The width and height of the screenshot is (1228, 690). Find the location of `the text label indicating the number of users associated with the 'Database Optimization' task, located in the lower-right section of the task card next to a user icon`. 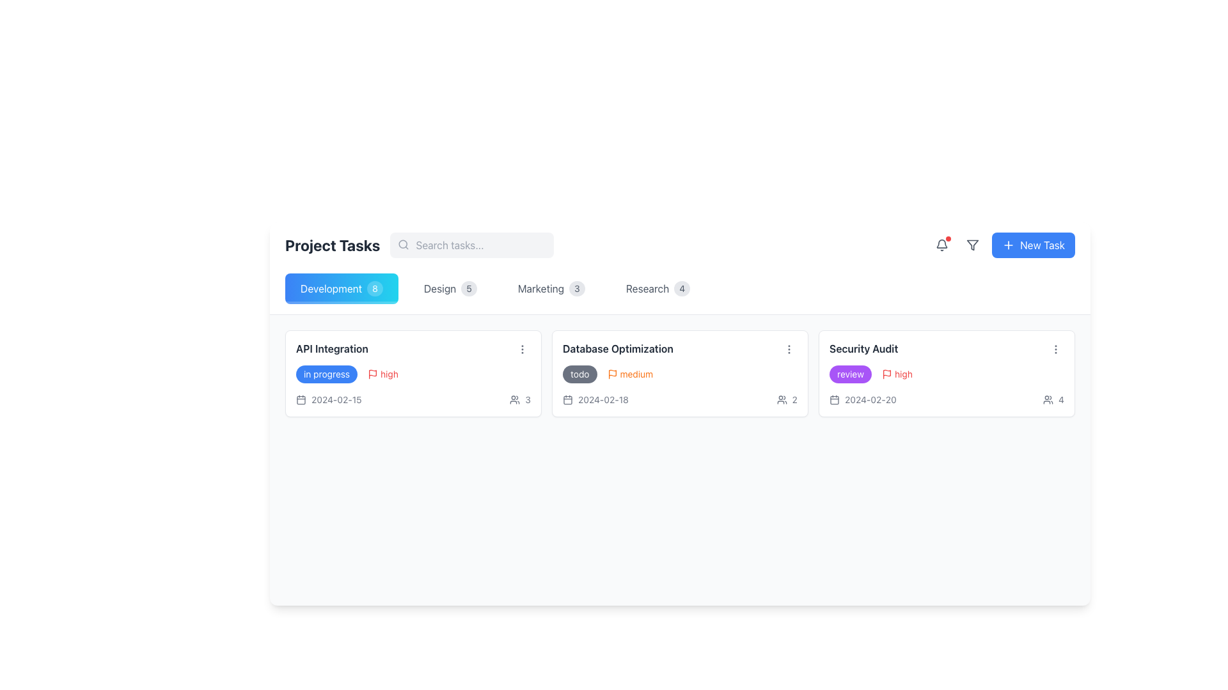

the text label indicating the number of users associated with the 'Database Optimization' task, located in the lower-right section of the task card next to a user icon is located at coordinates (528, 399).